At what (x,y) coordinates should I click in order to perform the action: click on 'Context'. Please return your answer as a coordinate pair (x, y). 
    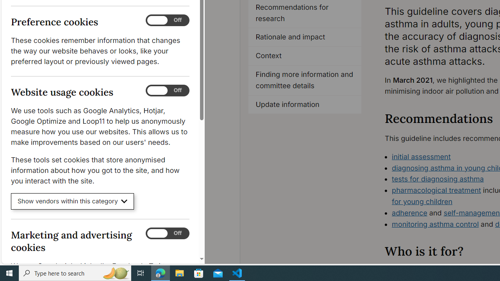
    Looking at the image, I should click on (305, 56).